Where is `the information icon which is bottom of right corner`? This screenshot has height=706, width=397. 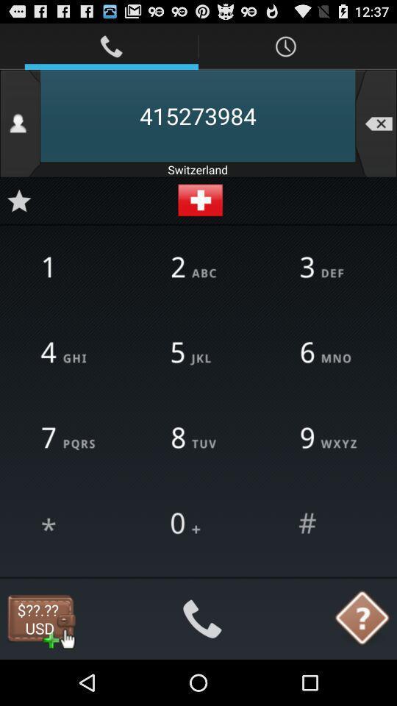
the information icon which is bottom of right corner is located at coordinates (362, 618).